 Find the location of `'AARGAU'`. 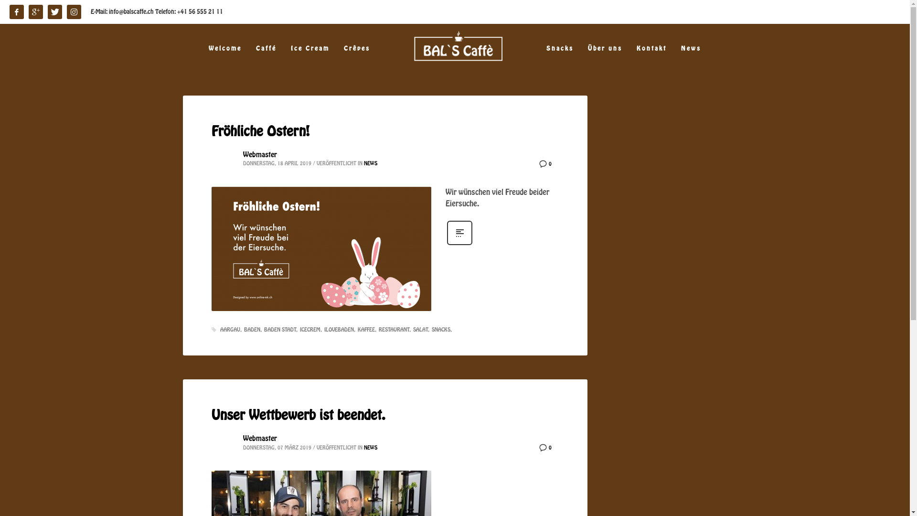

'AARGAU' is located at coordinates (219, 329).